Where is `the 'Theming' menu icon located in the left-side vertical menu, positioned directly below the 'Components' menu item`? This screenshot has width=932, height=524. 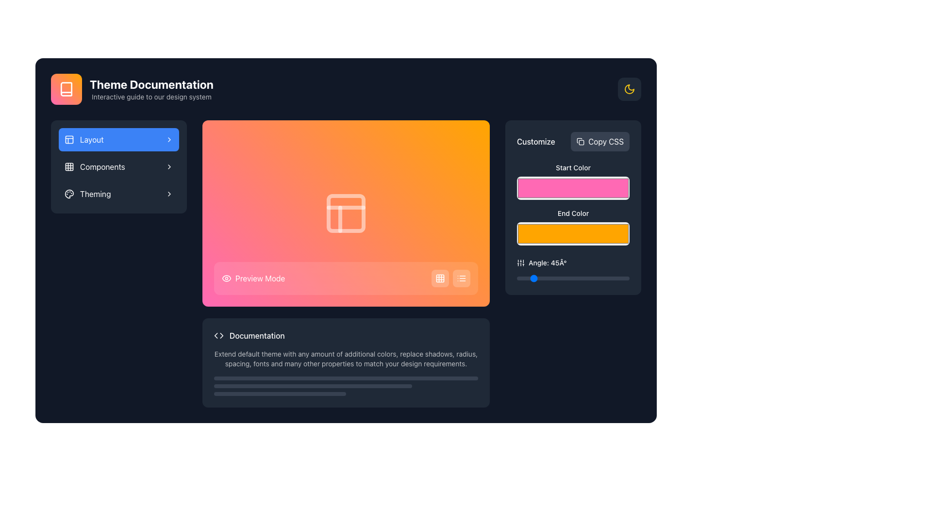
the 'Theming' menu icon located in the left-side vertical menu, positioned directly below the 'Components' menu item is located at coordinates (69, 194).